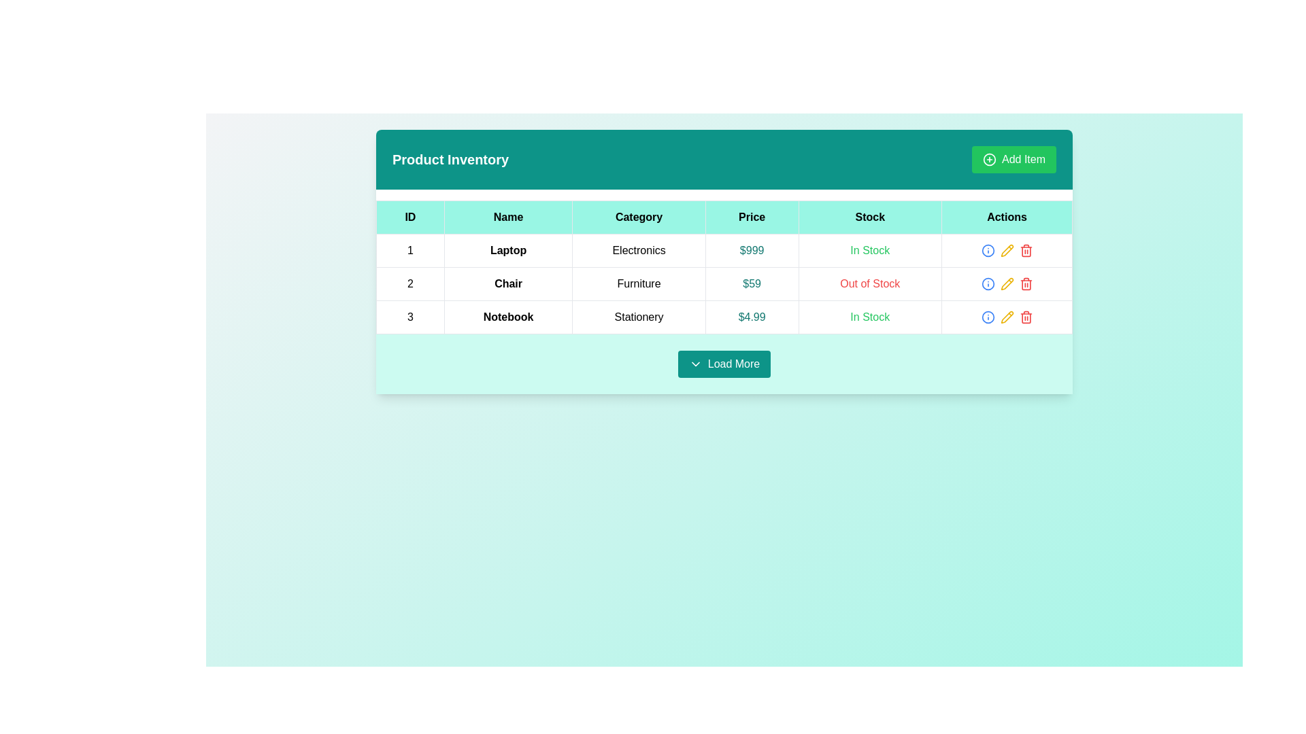  I want to click on the red delete icon located in the Actions column of the third row in the product inventory table, so click(1007, 317).